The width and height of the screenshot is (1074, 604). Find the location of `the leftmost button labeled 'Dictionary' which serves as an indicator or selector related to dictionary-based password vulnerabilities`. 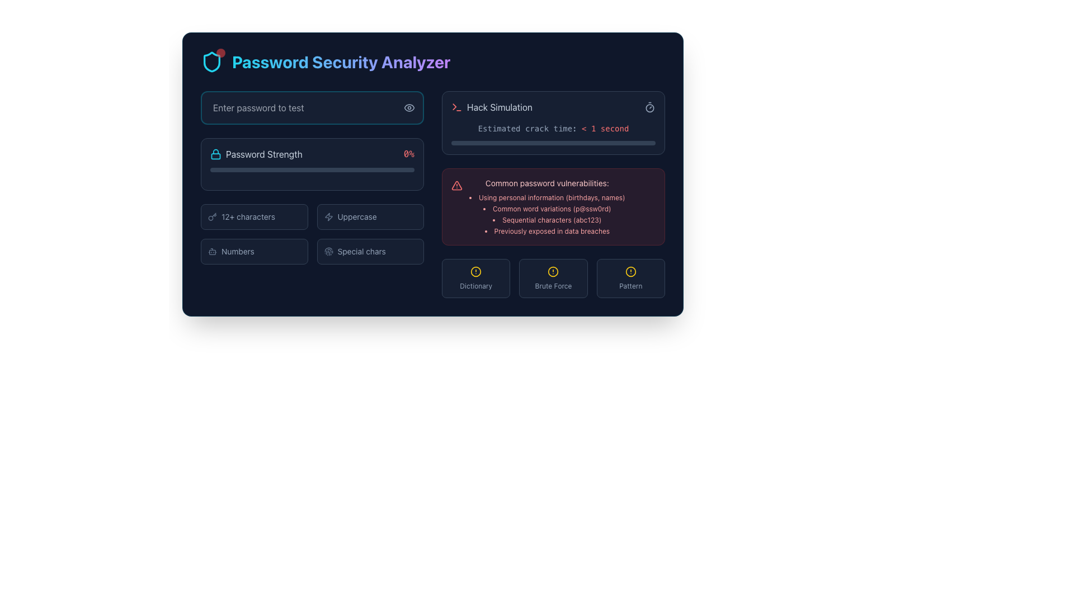

the leftmost button labeled 'Dictionary' which serves as an indicator or selector related to dictionary-based password vulnerabilities is located at coordinates (476, 277).